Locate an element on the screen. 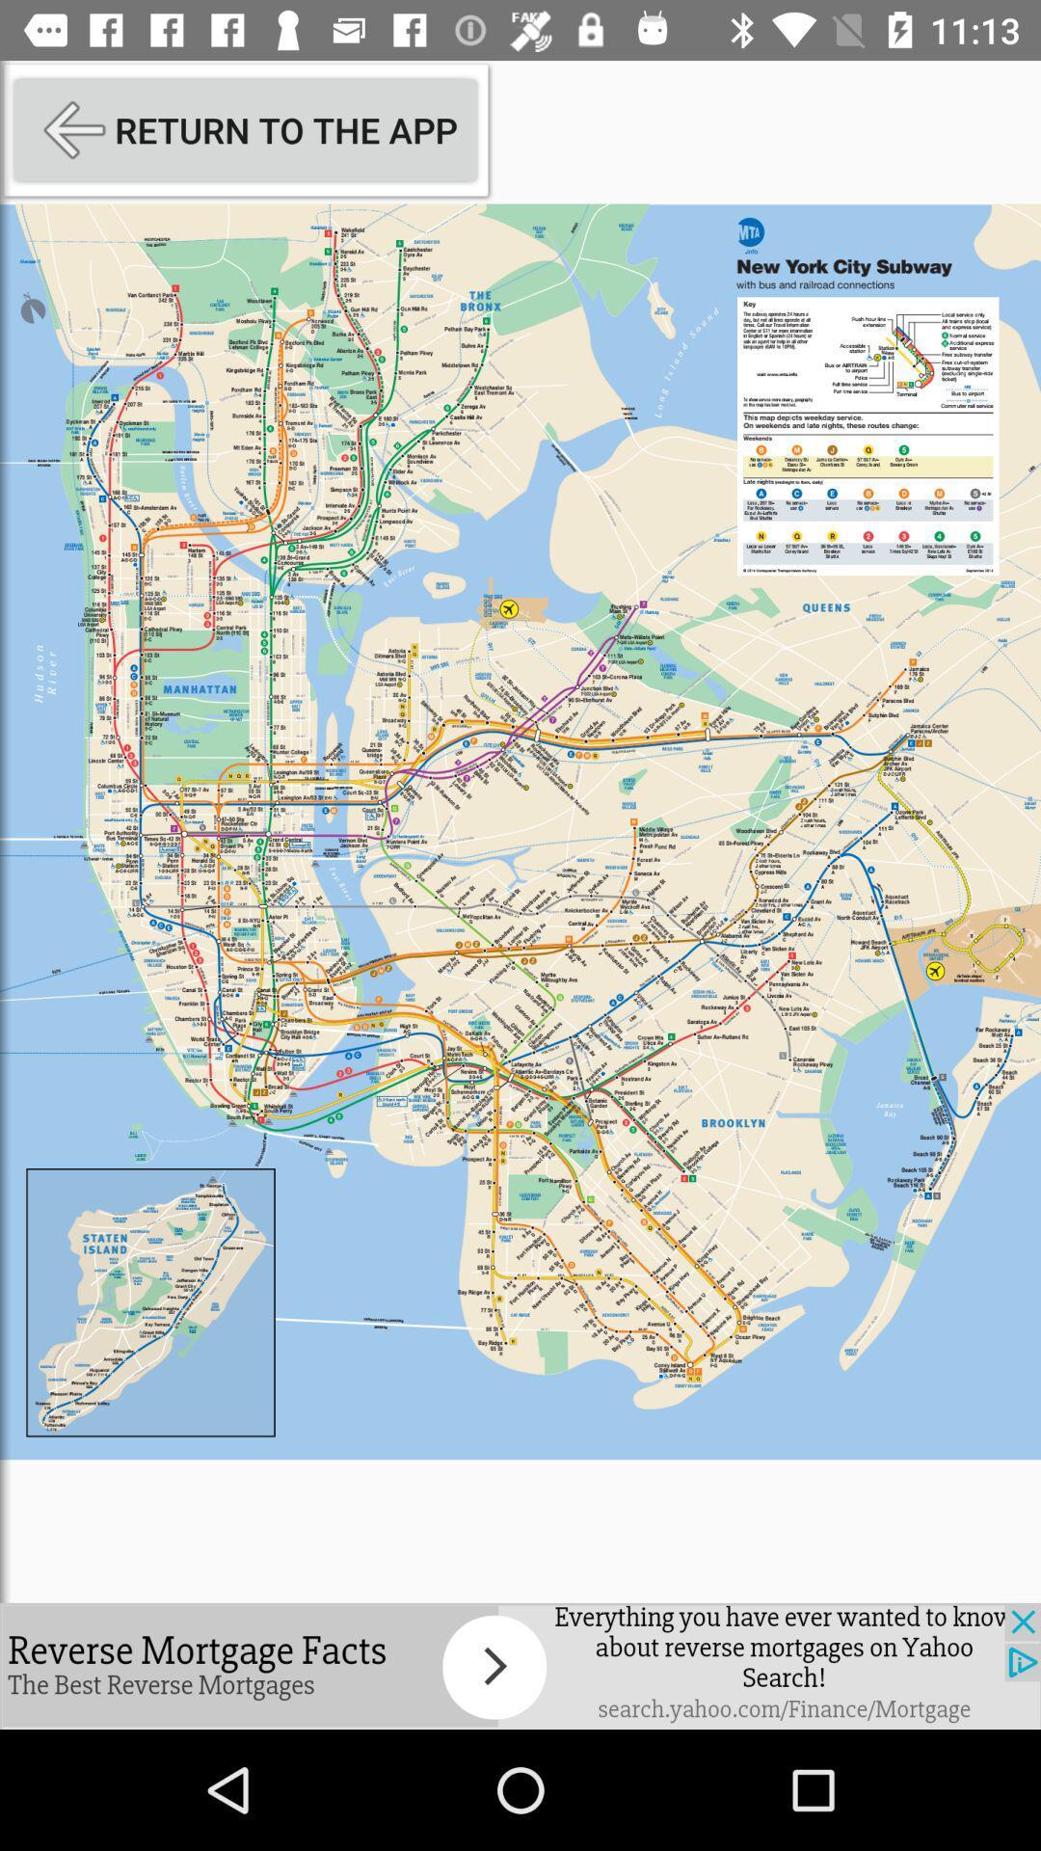 The width and height of the screenshot is (1041, 1851). click the main page is located at coordinates (520, 831).